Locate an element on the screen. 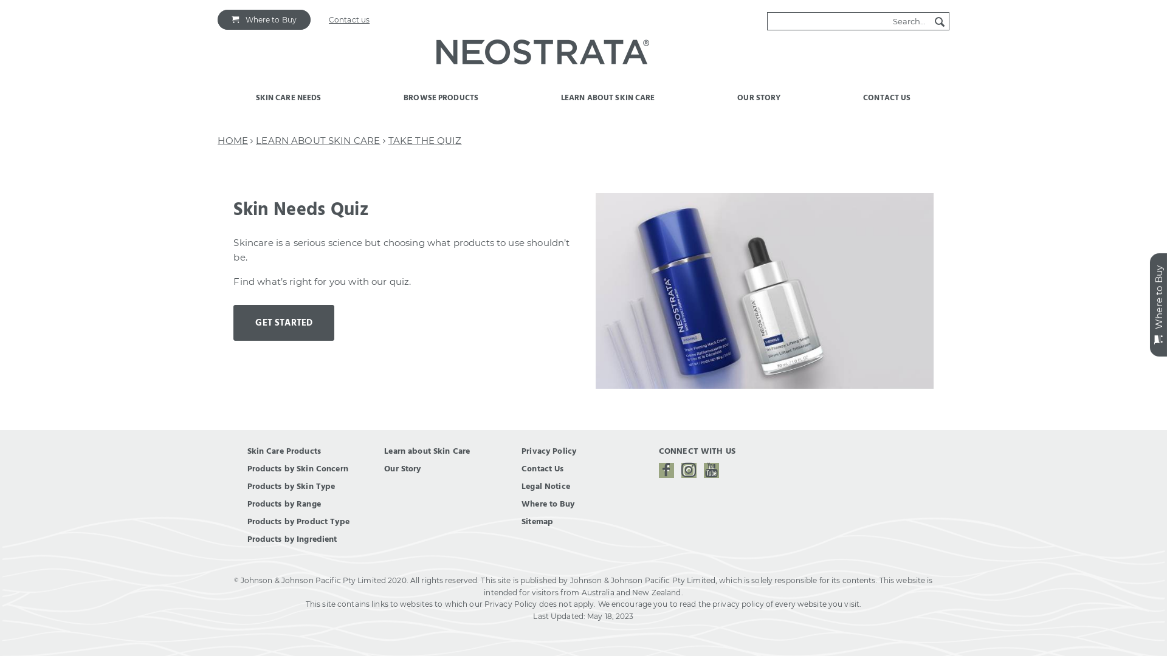 Image resolution: width=1167 pixels, height=656 pixels. 'Youtube' is located at coordinates (711, 470).